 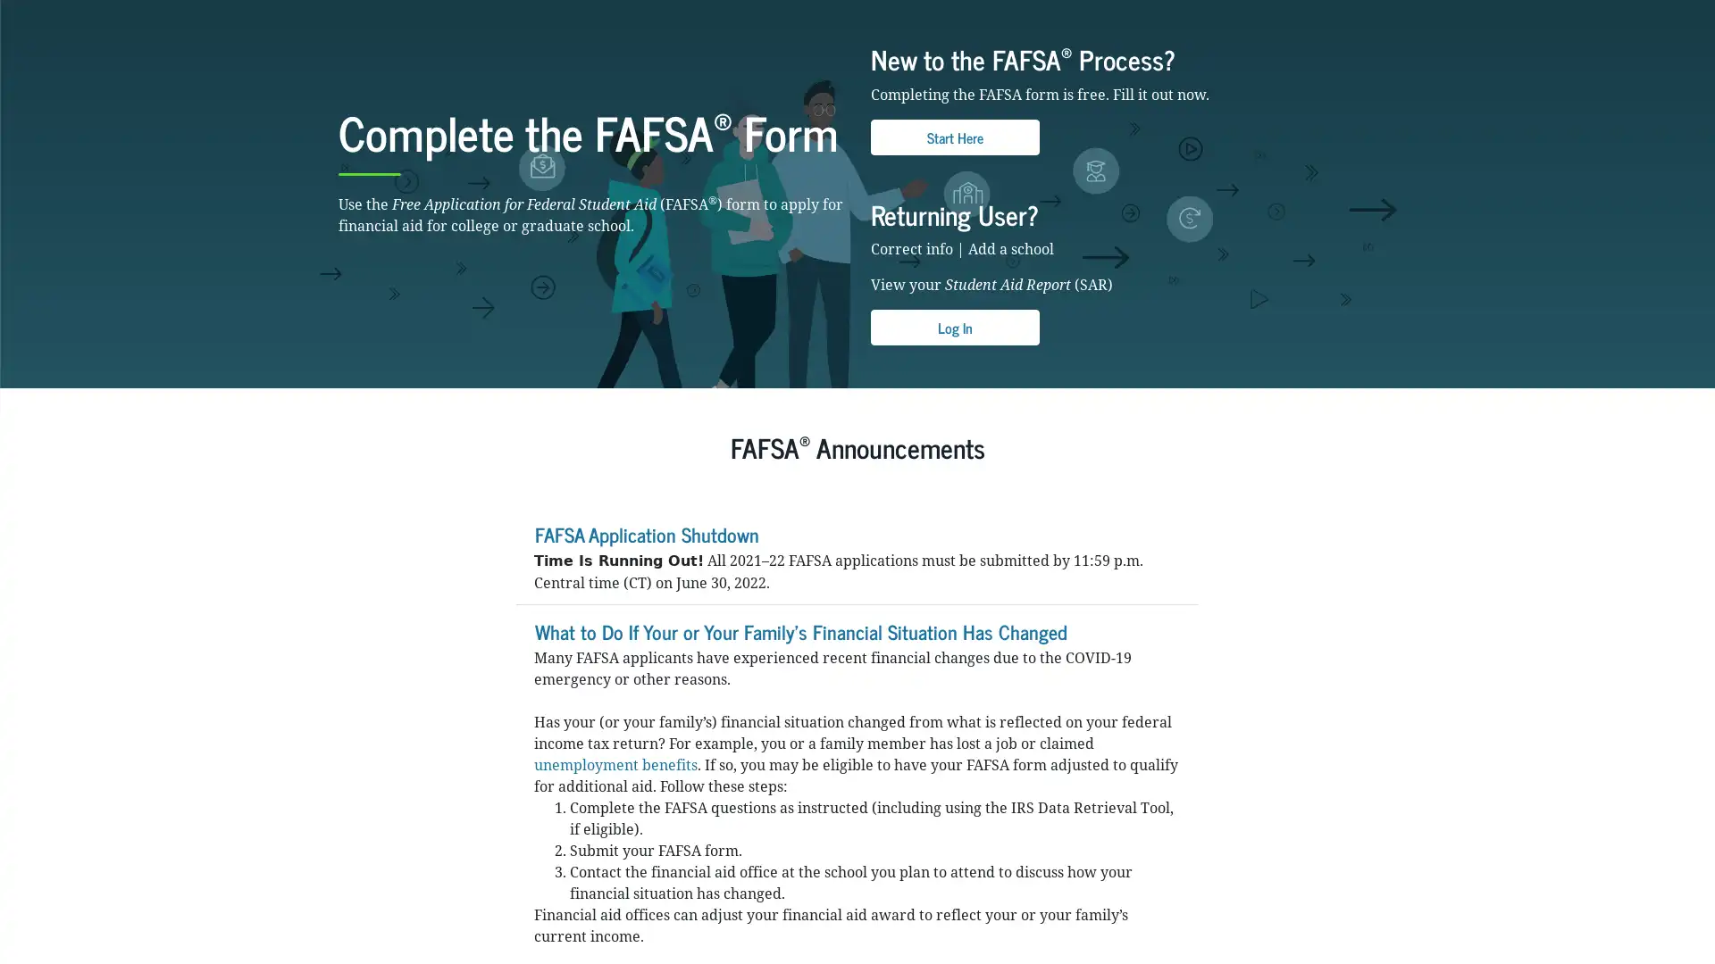 I want to click on FAFSA Application Shutdown, so click(x=645, y=649).